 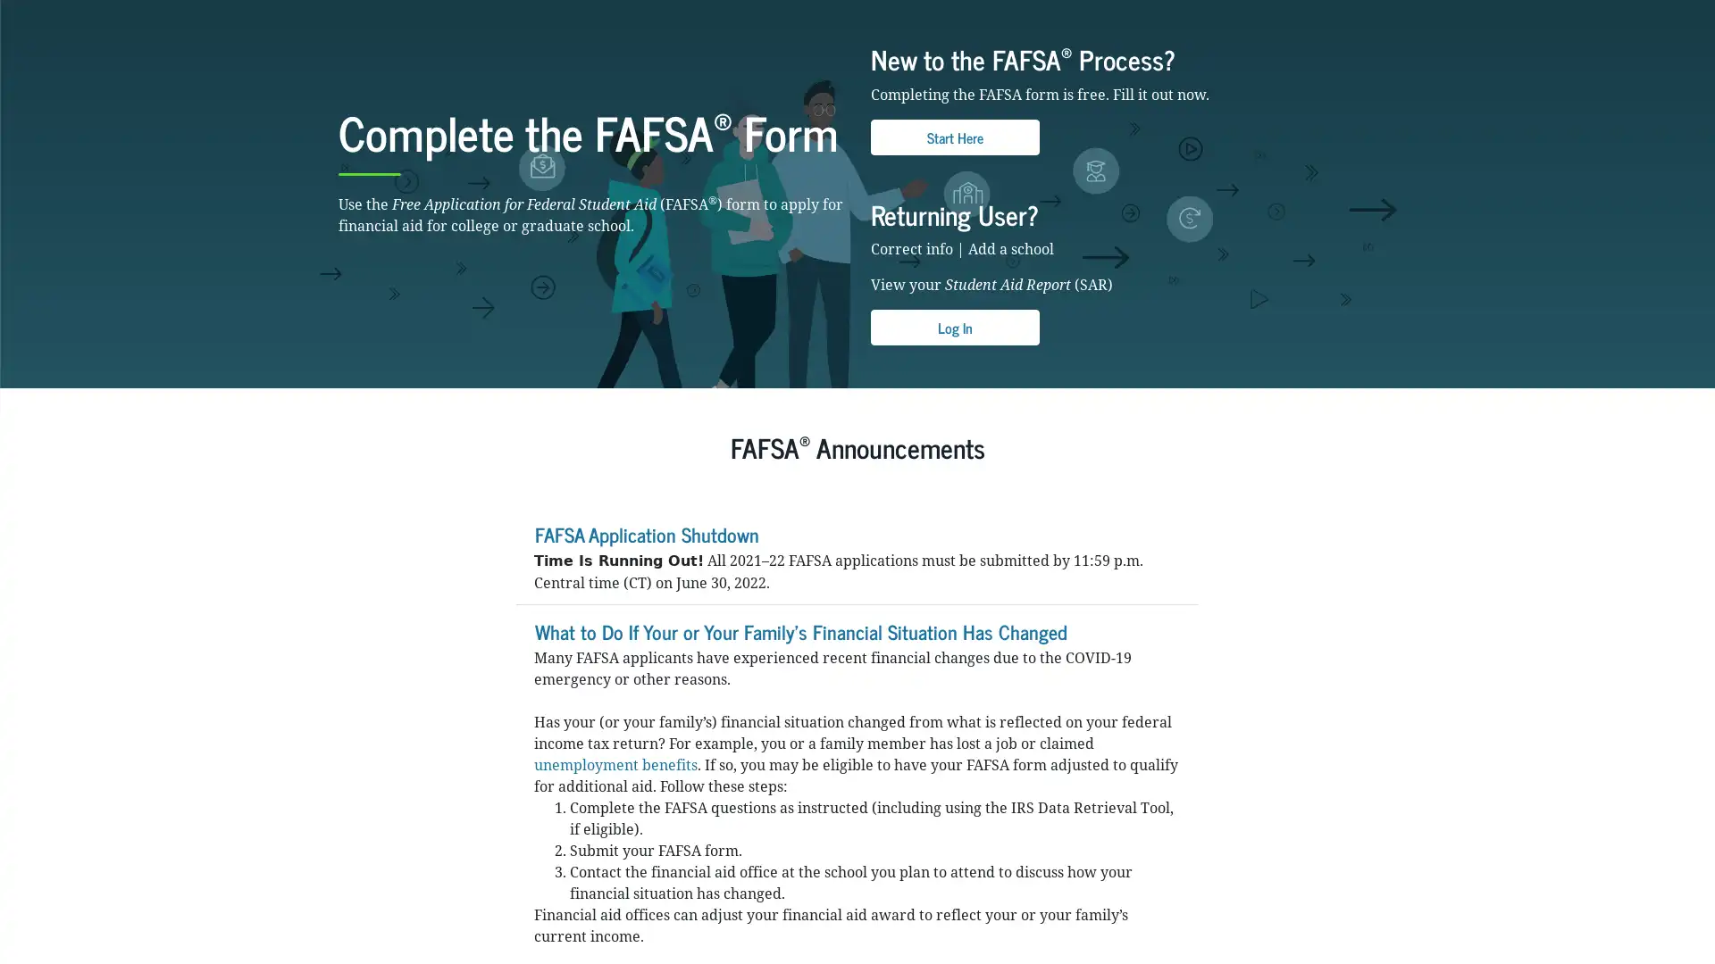 I want to click on FAFSA Application Shutdown, so click(x=645, y=649).